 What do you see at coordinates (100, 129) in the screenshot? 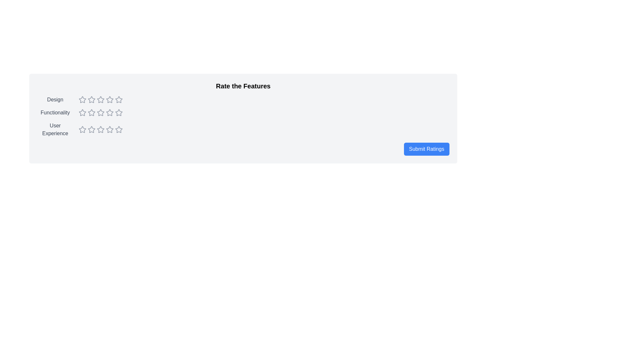
I see `the fourth star-shaped icon in the rating row for 'User Experience' to rate it` at bounding box center [100, 129].